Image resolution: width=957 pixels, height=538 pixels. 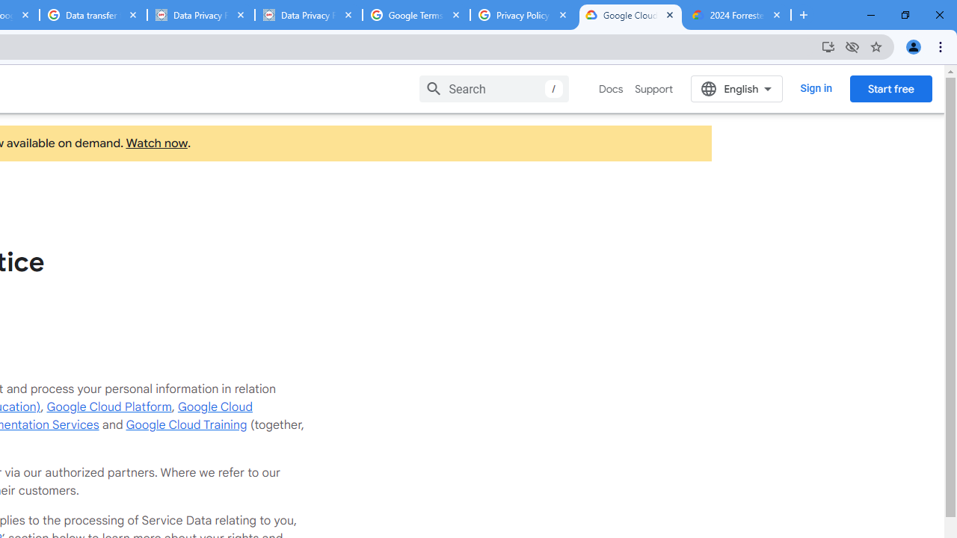 What do you see at coordinates (611, 89) in the screenshot?
I see `'Docs'` at bounding box center [611, 89].